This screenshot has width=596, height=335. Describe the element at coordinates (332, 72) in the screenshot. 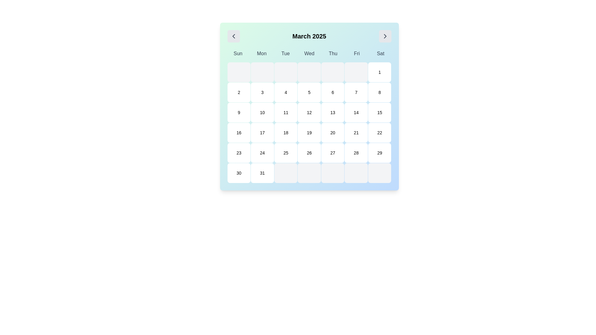

I see `the fifth cell in the topmost row of the calendar grid, which is under the column labeled 'Thu'` at that location.